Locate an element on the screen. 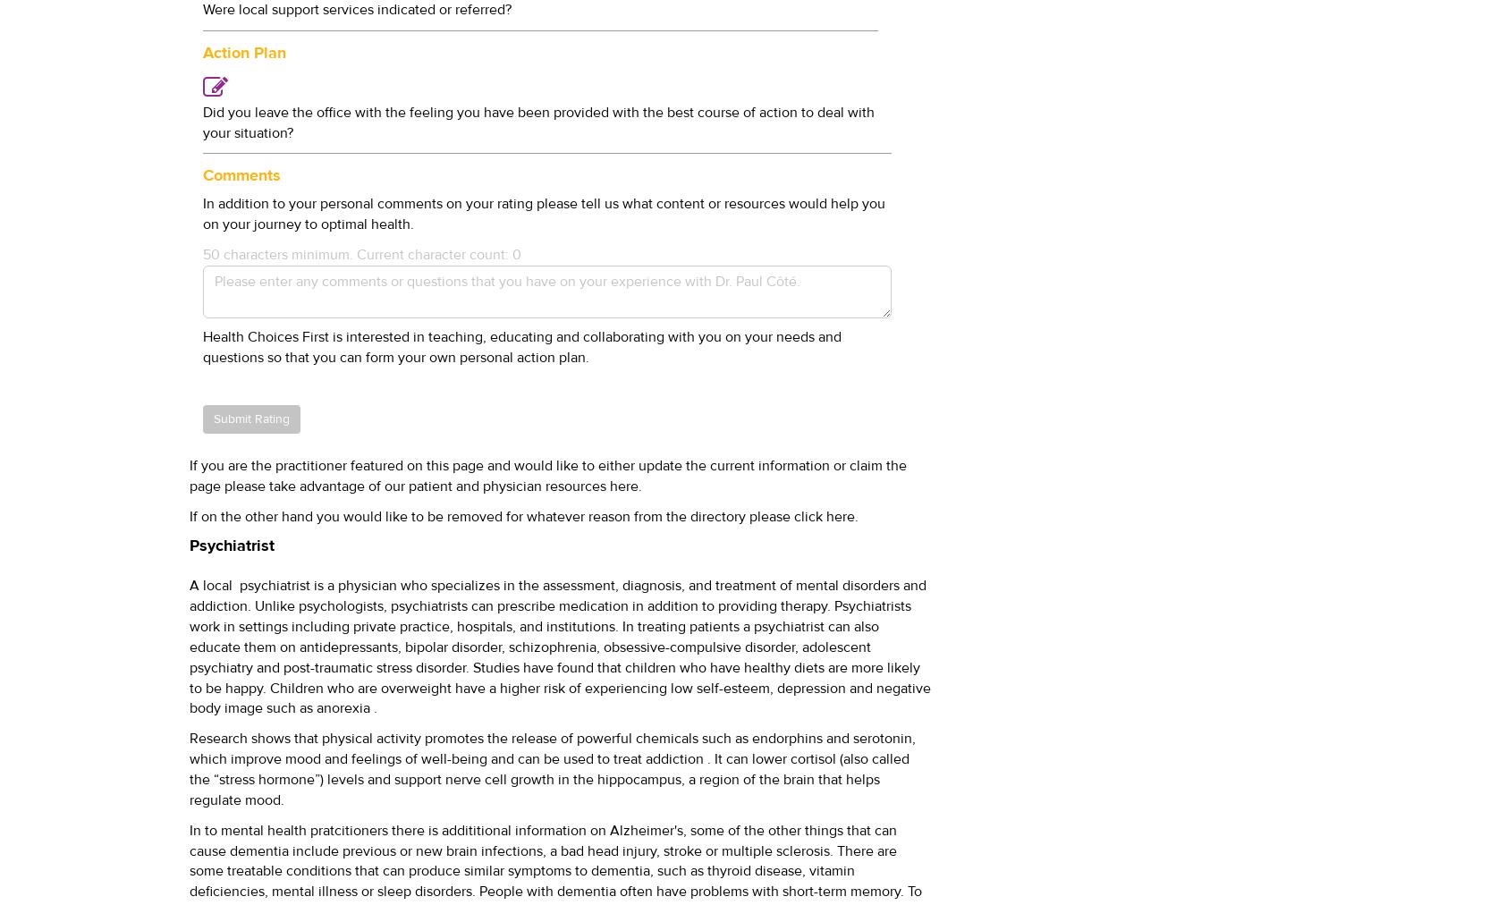 This screenshot has width=1506, height=905. '50 characters minimum. Current character count:' is located at coordinates (203, 252).